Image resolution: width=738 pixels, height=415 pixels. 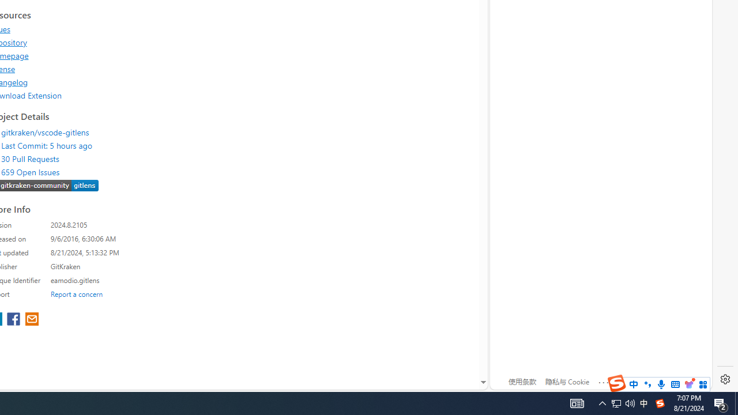 What do you see at coordinates (76, 293) in the screenshot?
I see `'Report a concern'` at bounding box center [76, 293].